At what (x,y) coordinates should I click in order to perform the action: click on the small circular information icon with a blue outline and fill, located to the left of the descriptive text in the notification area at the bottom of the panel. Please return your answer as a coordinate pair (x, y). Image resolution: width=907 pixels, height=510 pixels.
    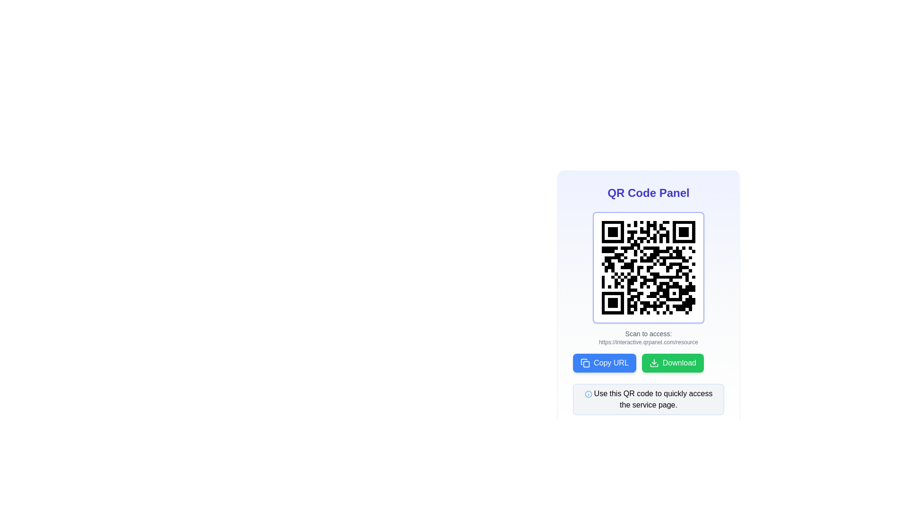
    Looking at the image, I should click on (588, 394).